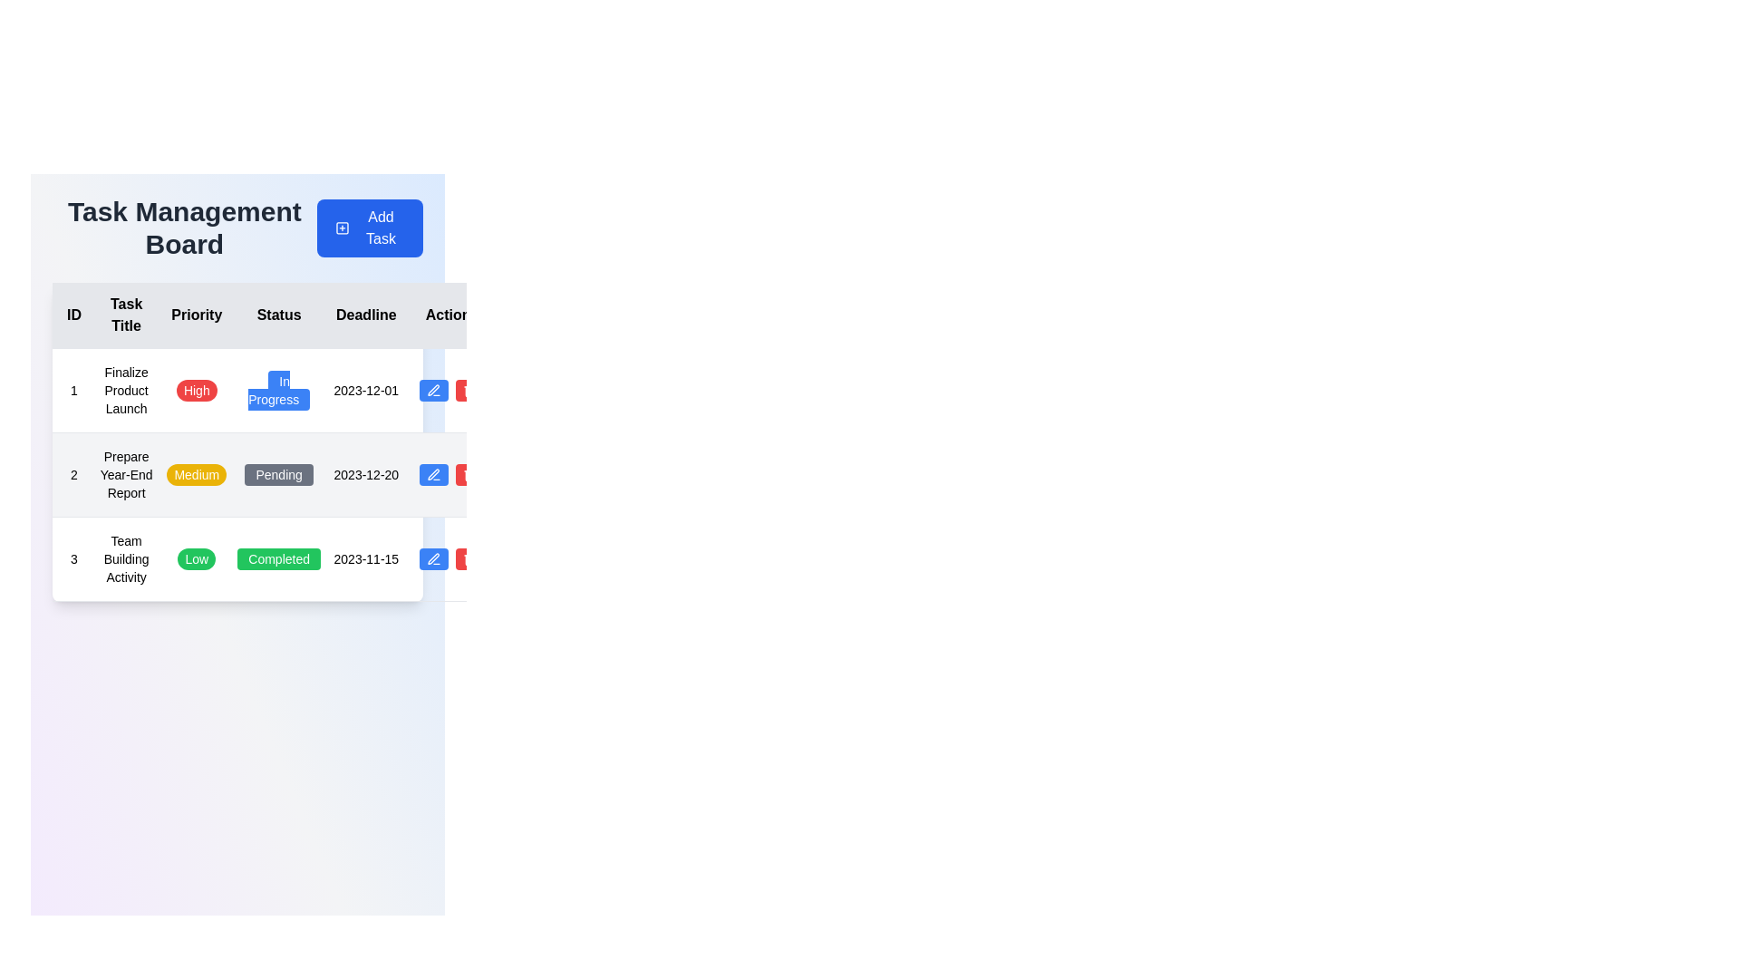  I want to click on the 'In Progress' status badge, which is a rectangular badge with rounded corners, a blue background, and white text in a sans-serif font, located in the 'Status' column of the first row of the task management table, so click(278, 390).